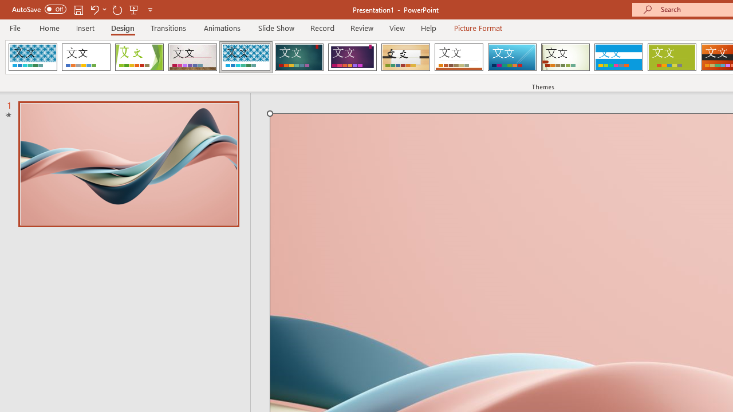 The width and height of the screenshot is (733, 412). Describe the element at coordinates (405, 57) in the screenshot. I see `'Organic'` at that location.